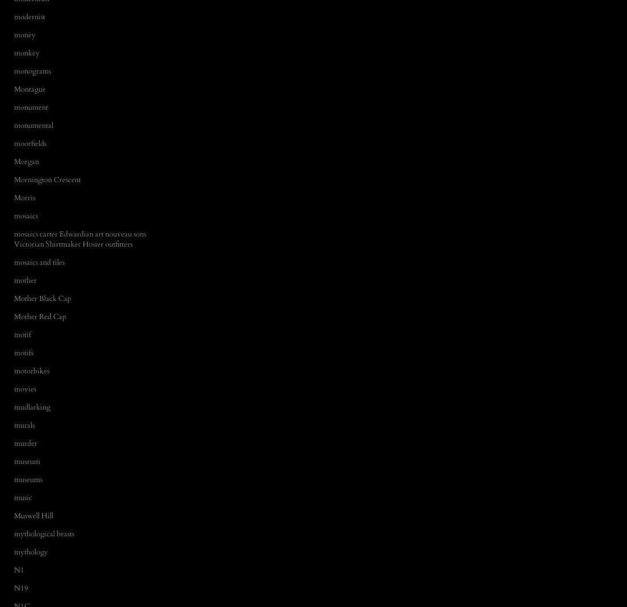  I want to click on 'motifs', so click(23, 351).